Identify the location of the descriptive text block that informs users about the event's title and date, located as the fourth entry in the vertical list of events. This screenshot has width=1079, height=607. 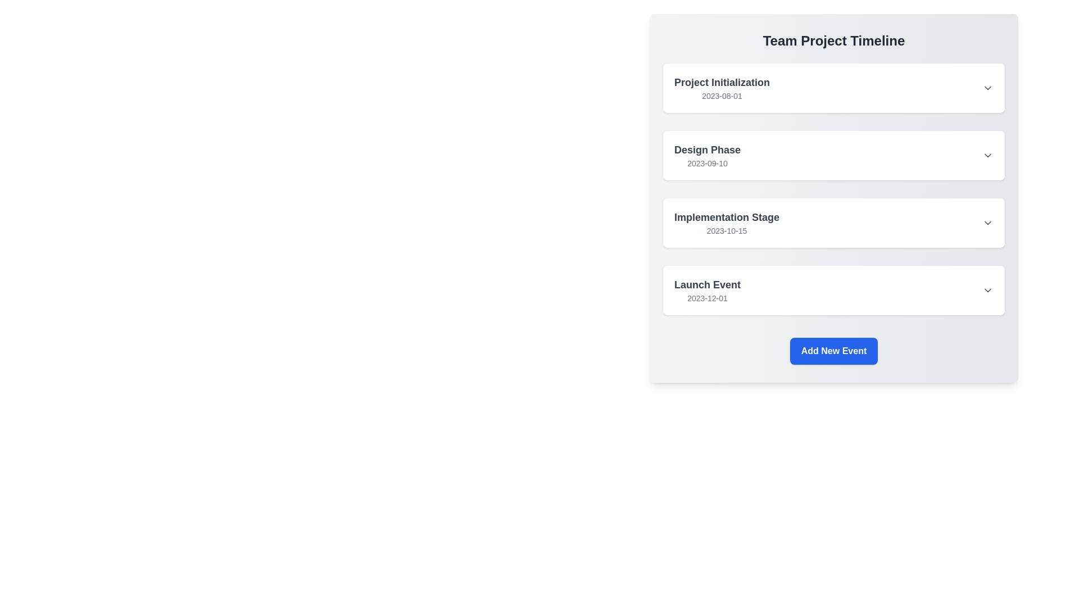
(706, 289).